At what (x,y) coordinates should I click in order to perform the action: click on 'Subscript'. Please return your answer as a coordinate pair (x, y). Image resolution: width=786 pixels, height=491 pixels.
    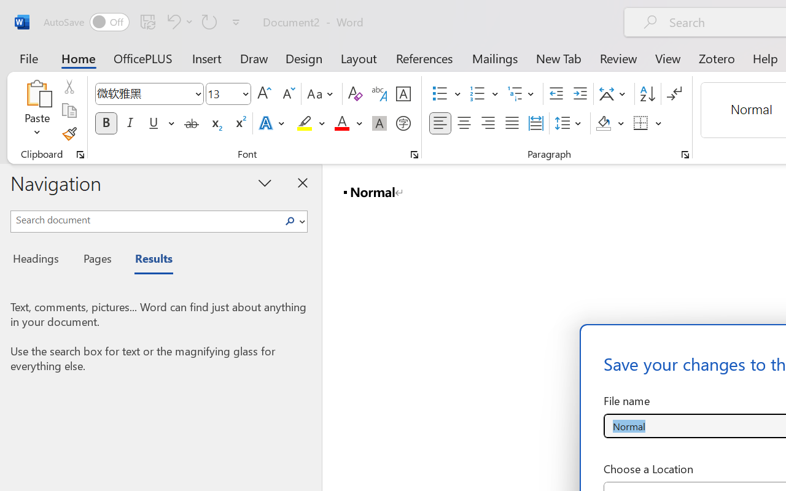
    Looking at the image, I should click on (215, 123).